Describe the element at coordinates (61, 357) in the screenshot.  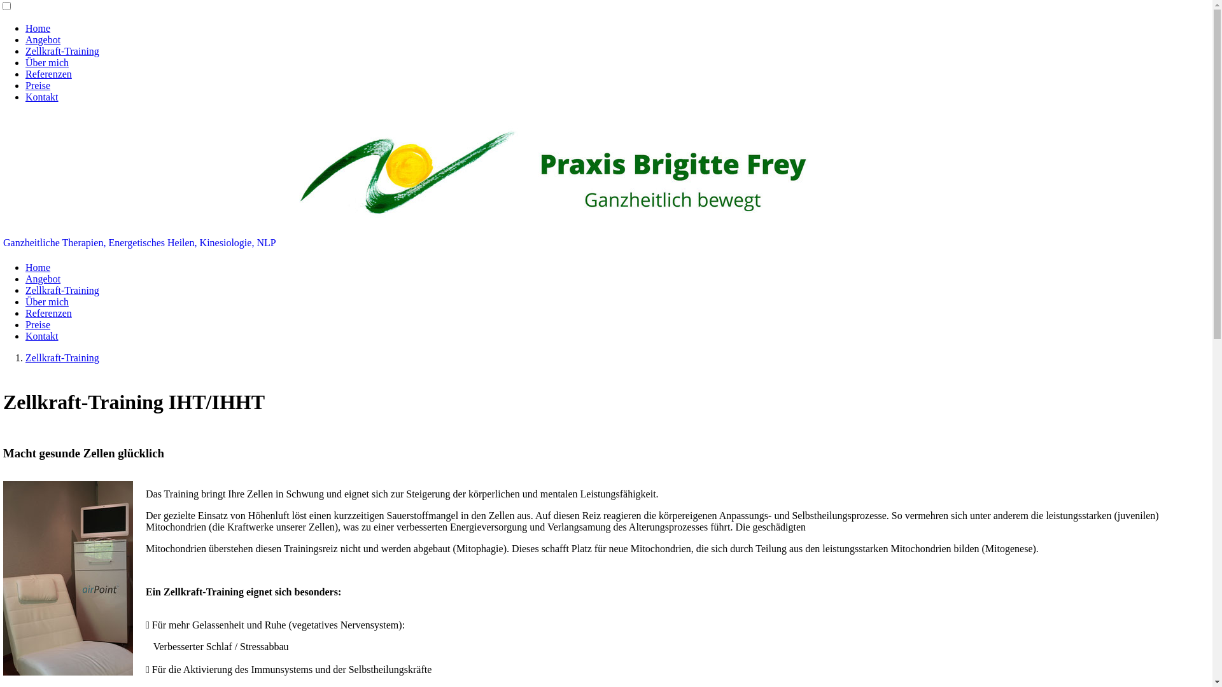
I see `'Zellkraft-Training'` at that location.